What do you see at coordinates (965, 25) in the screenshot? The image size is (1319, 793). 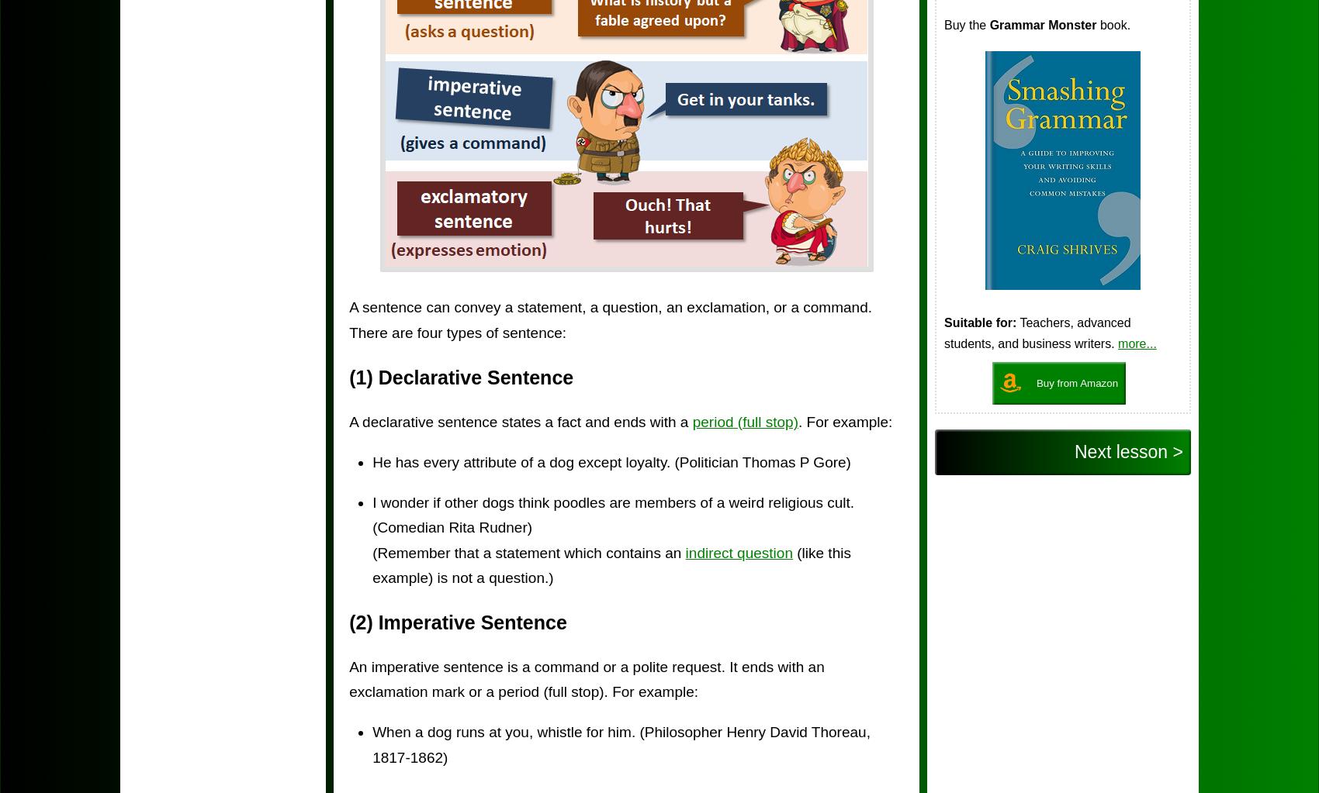 I see `'Buy the'` at bounding box center [965, 25].